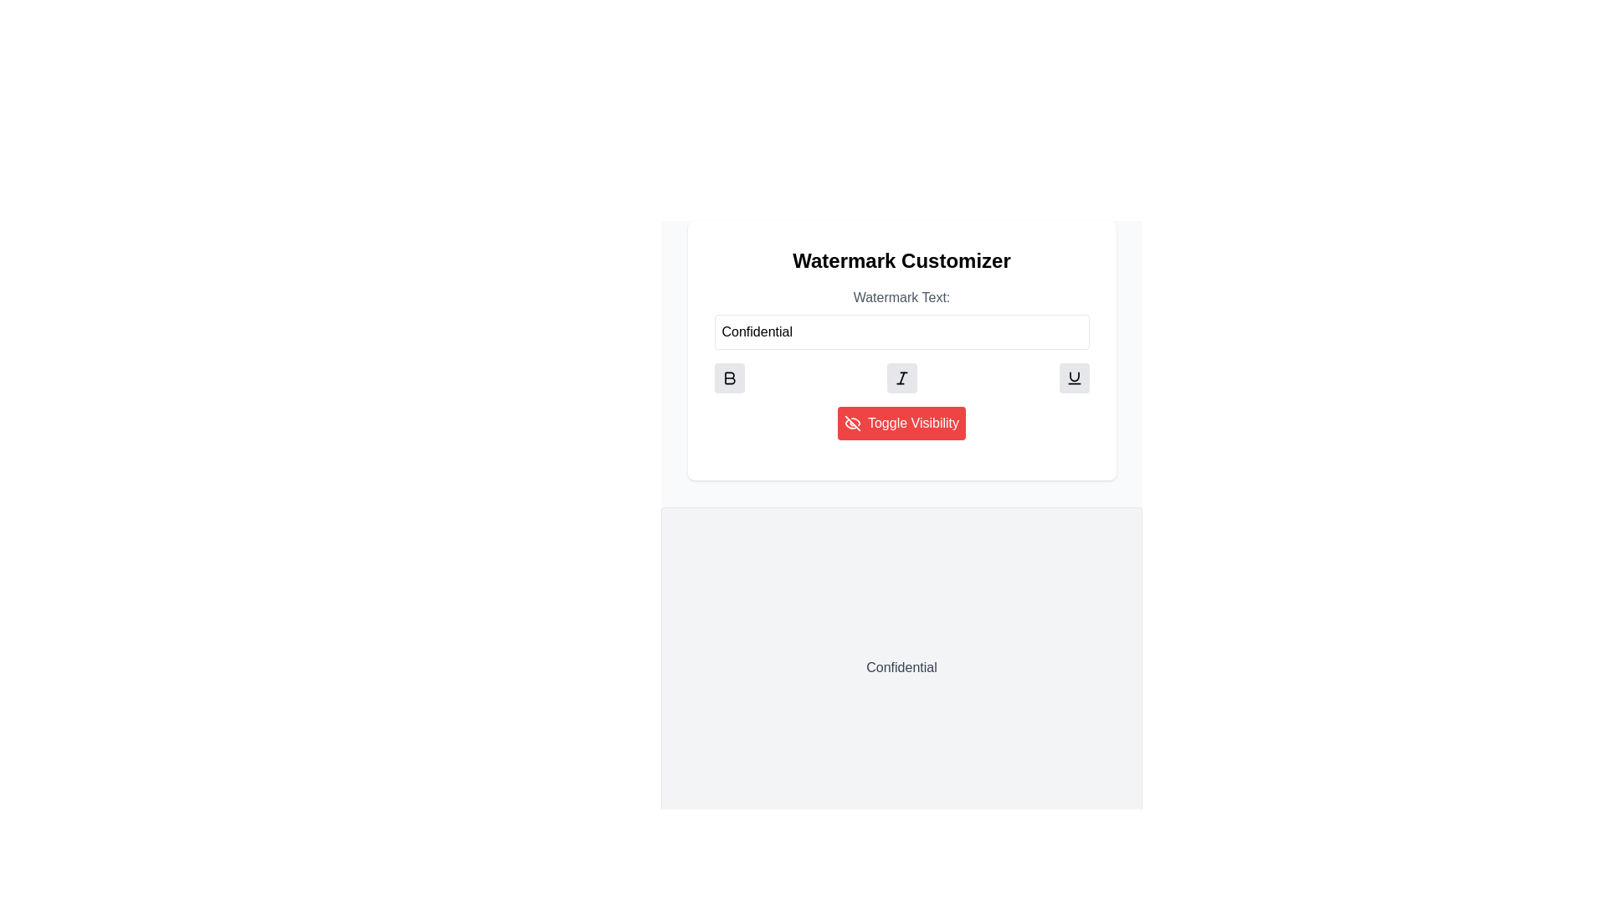 This screenshot has width=1607, height=904. Describe the element at coordinates (729, 378) in the screenshot. I see `the gray circular button with a bold 'B' icon located under the 'Watermark Text' input area` at that location.